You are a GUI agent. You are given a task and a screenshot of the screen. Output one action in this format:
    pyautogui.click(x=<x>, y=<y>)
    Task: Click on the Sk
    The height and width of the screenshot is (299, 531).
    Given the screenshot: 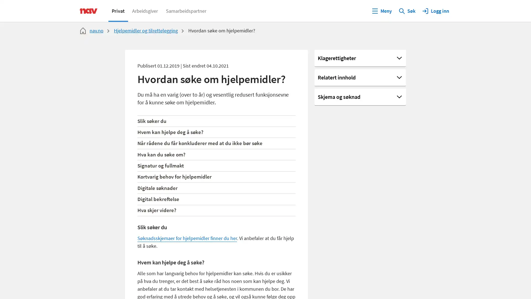 What is the action you would take?
    pyautogui.click(x=407, y=11)
    